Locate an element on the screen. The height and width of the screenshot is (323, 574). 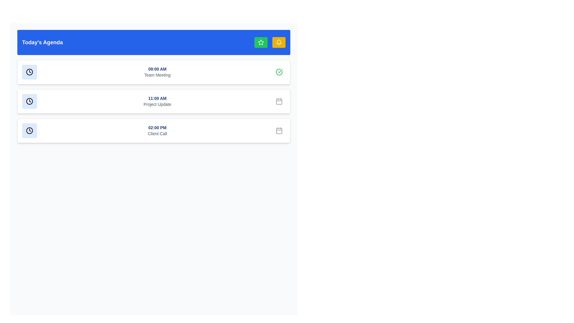
the circular button with a gray calendar icon representing the '02:00 PM Client Call' event is located at coordinates (279, 130).